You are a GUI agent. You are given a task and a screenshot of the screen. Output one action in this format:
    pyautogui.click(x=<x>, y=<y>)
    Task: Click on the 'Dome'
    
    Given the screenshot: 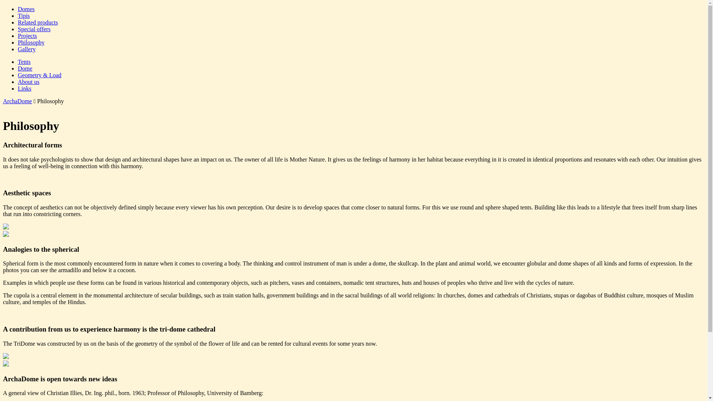 What is the action you would take?
    pyautogui.click(x=18, y=68)
    